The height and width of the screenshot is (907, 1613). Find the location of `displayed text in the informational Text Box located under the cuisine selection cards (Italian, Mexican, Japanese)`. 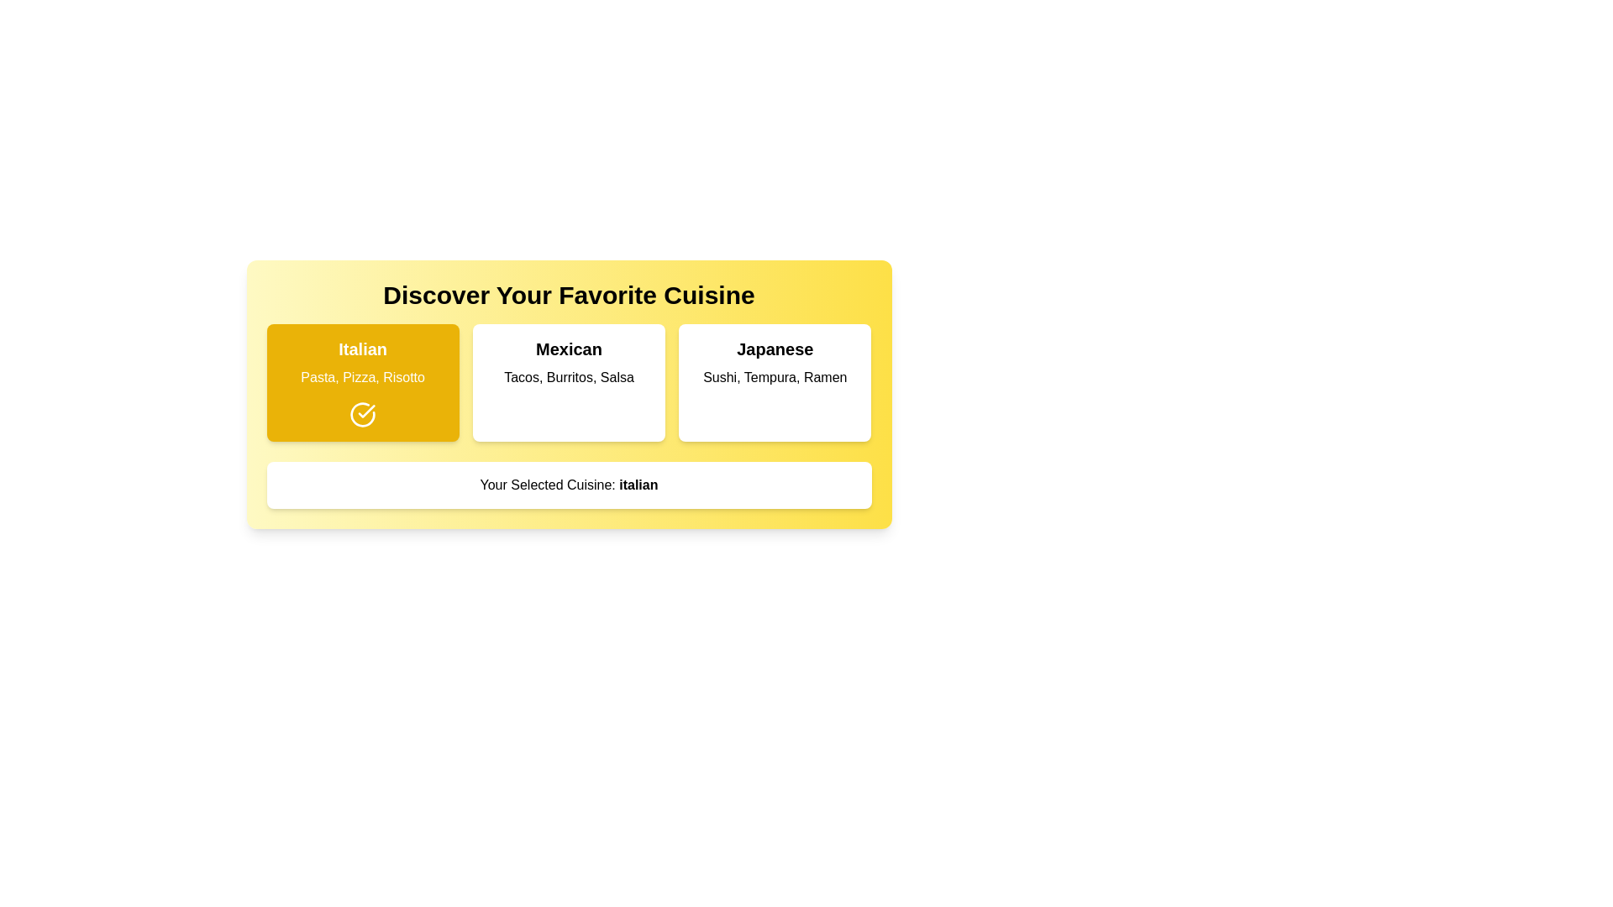

displayed text in the informational Text Box located under the cuisine selection cards (Italian, Mexican, Japanese) is located at coordinates (569, 485).